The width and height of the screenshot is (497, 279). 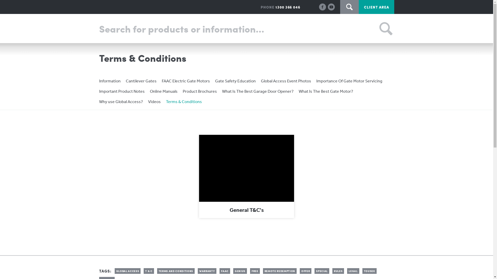 I want to click on 'Global Access Event Photos', so click(x=261, y=81).